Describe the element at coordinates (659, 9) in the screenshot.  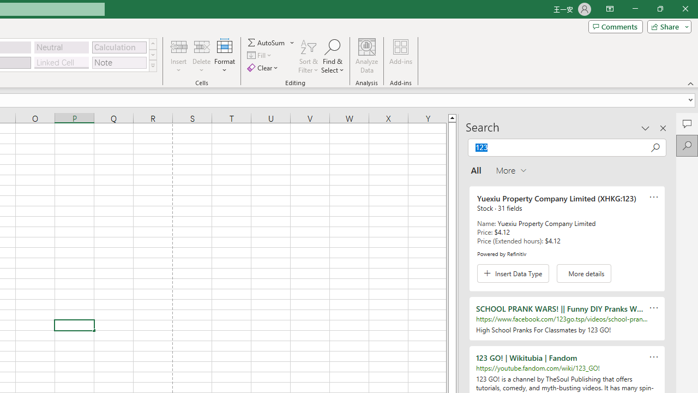
I see `'Restore Down'` at that location.